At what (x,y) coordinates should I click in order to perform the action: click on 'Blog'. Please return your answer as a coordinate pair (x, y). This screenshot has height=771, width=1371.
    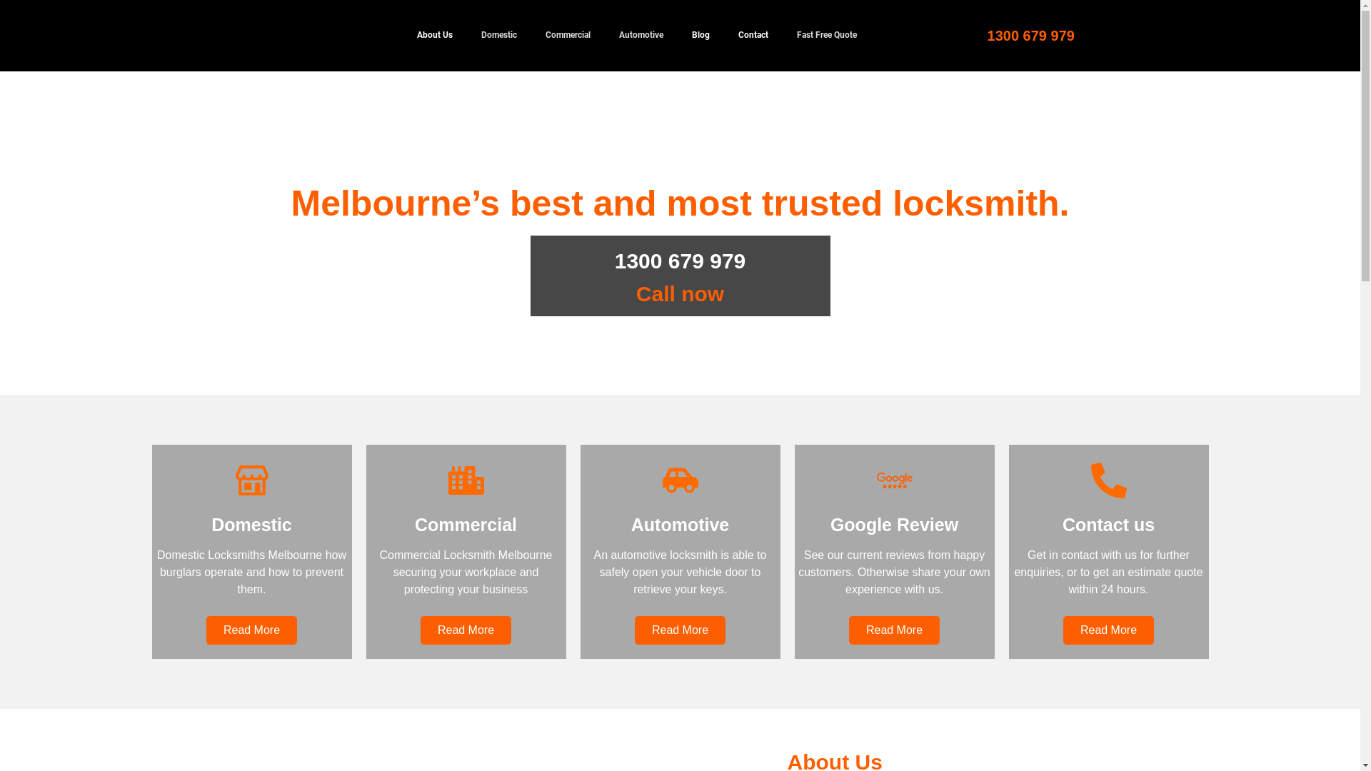
    Looking at the image, I should click on (700, 35).